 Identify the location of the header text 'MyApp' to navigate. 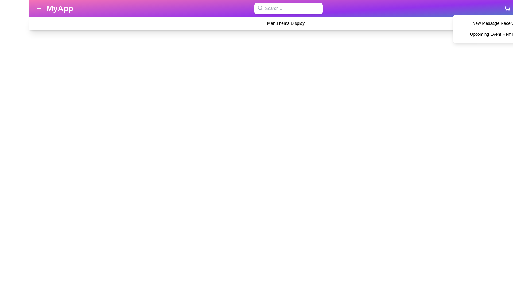
(60, 8).